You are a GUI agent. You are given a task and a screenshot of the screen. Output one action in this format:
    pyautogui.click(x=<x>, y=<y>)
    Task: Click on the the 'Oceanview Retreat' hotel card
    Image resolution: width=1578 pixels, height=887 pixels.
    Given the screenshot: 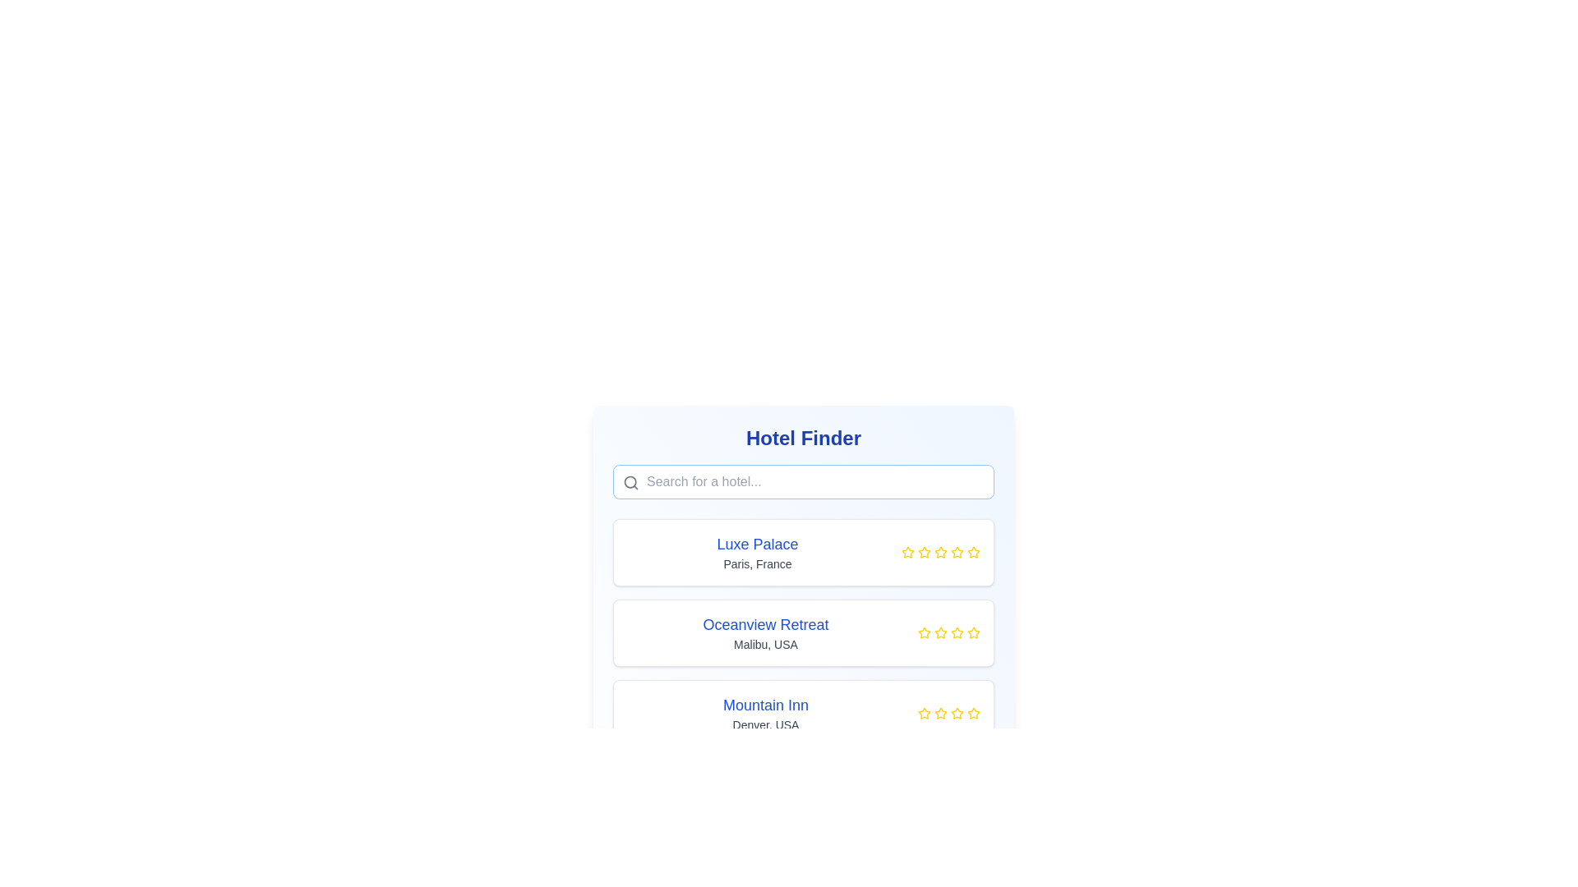 What is the action you would take?
    pyautogui.click(x=804, y=632)
    